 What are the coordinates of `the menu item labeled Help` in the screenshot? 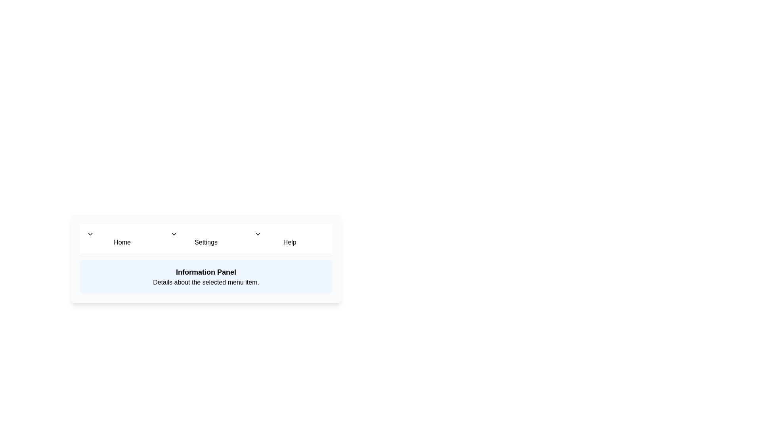 It's located at (289, 238).